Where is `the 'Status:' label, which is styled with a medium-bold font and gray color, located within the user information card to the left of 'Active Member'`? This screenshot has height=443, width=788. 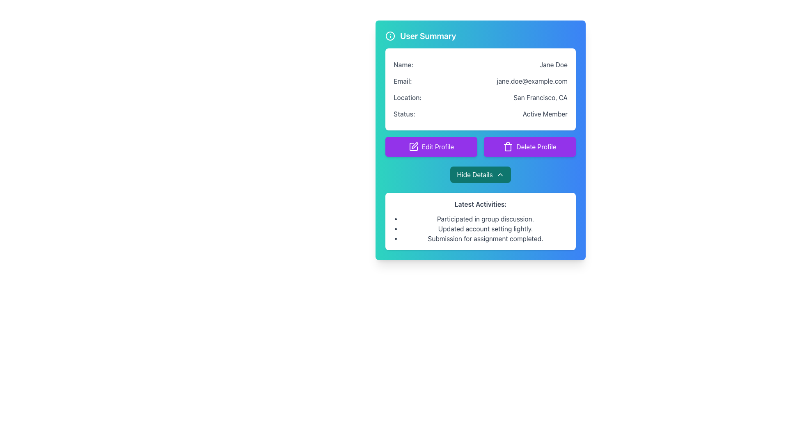 the 'Status:' label, which is styled with a medium-bold font and gray color, located within the user information card to the left of 'Active Member' is located at coordinates (404, 114).